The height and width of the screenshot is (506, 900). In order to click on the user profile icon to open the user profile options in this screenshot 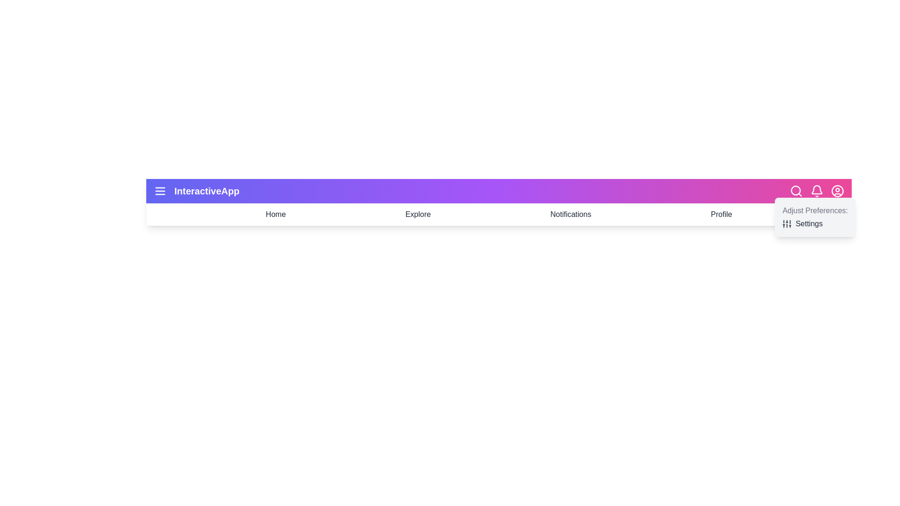, I will do `click(837, 191)`.